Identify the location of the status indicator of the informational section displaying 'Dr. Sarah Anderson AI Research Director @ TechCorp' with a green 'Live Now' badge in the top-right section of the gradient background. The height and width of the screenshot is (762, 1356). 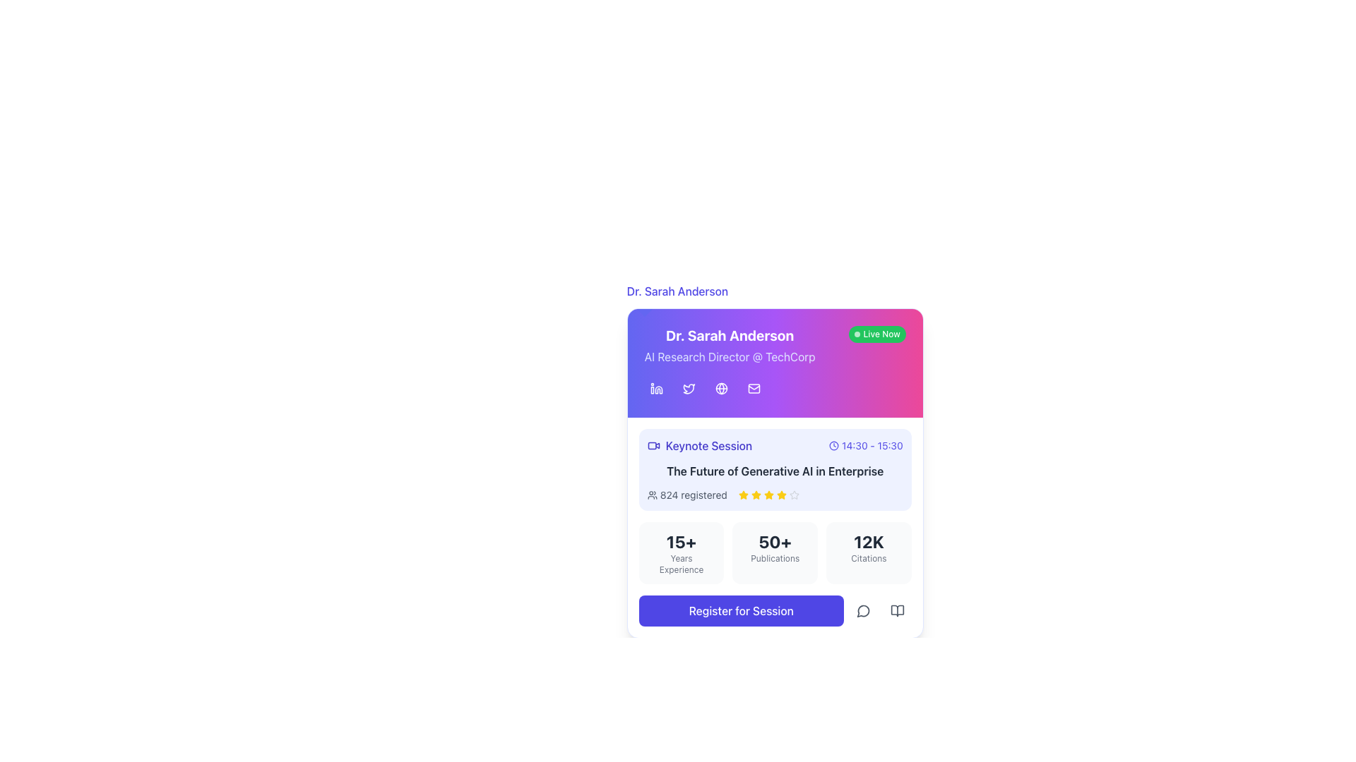
(774, 345).